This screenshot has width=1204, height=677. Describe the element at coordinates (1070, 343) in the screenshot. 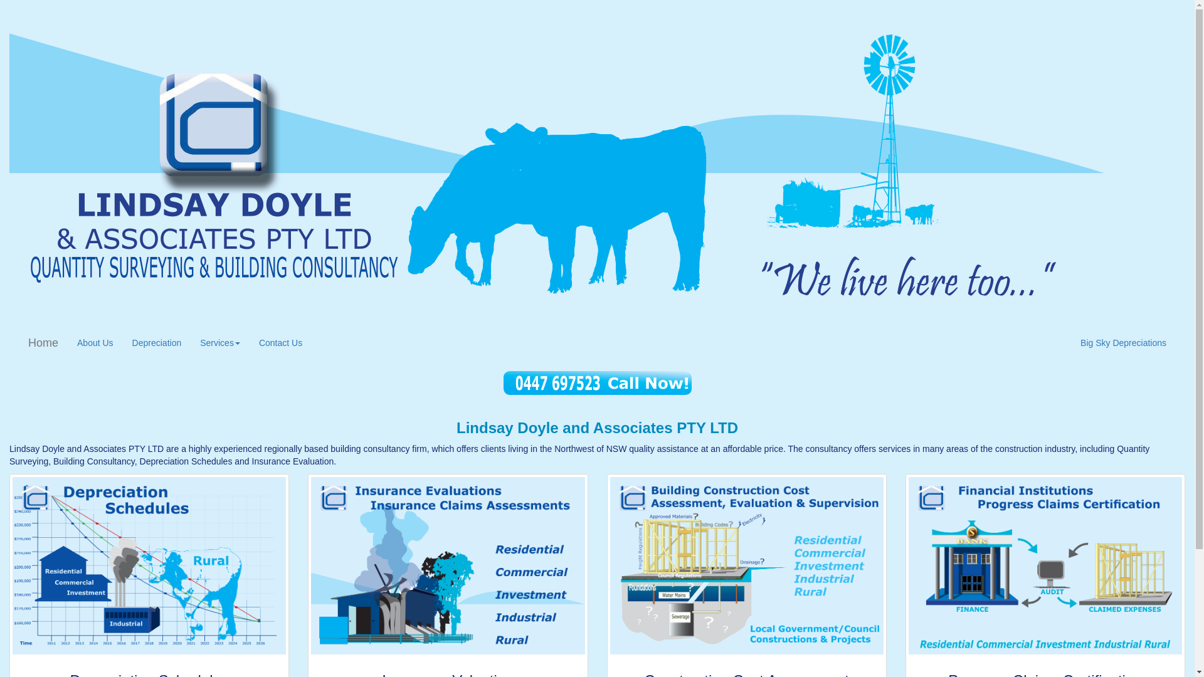

I see `'Big Sky Depreciations'` at that location.